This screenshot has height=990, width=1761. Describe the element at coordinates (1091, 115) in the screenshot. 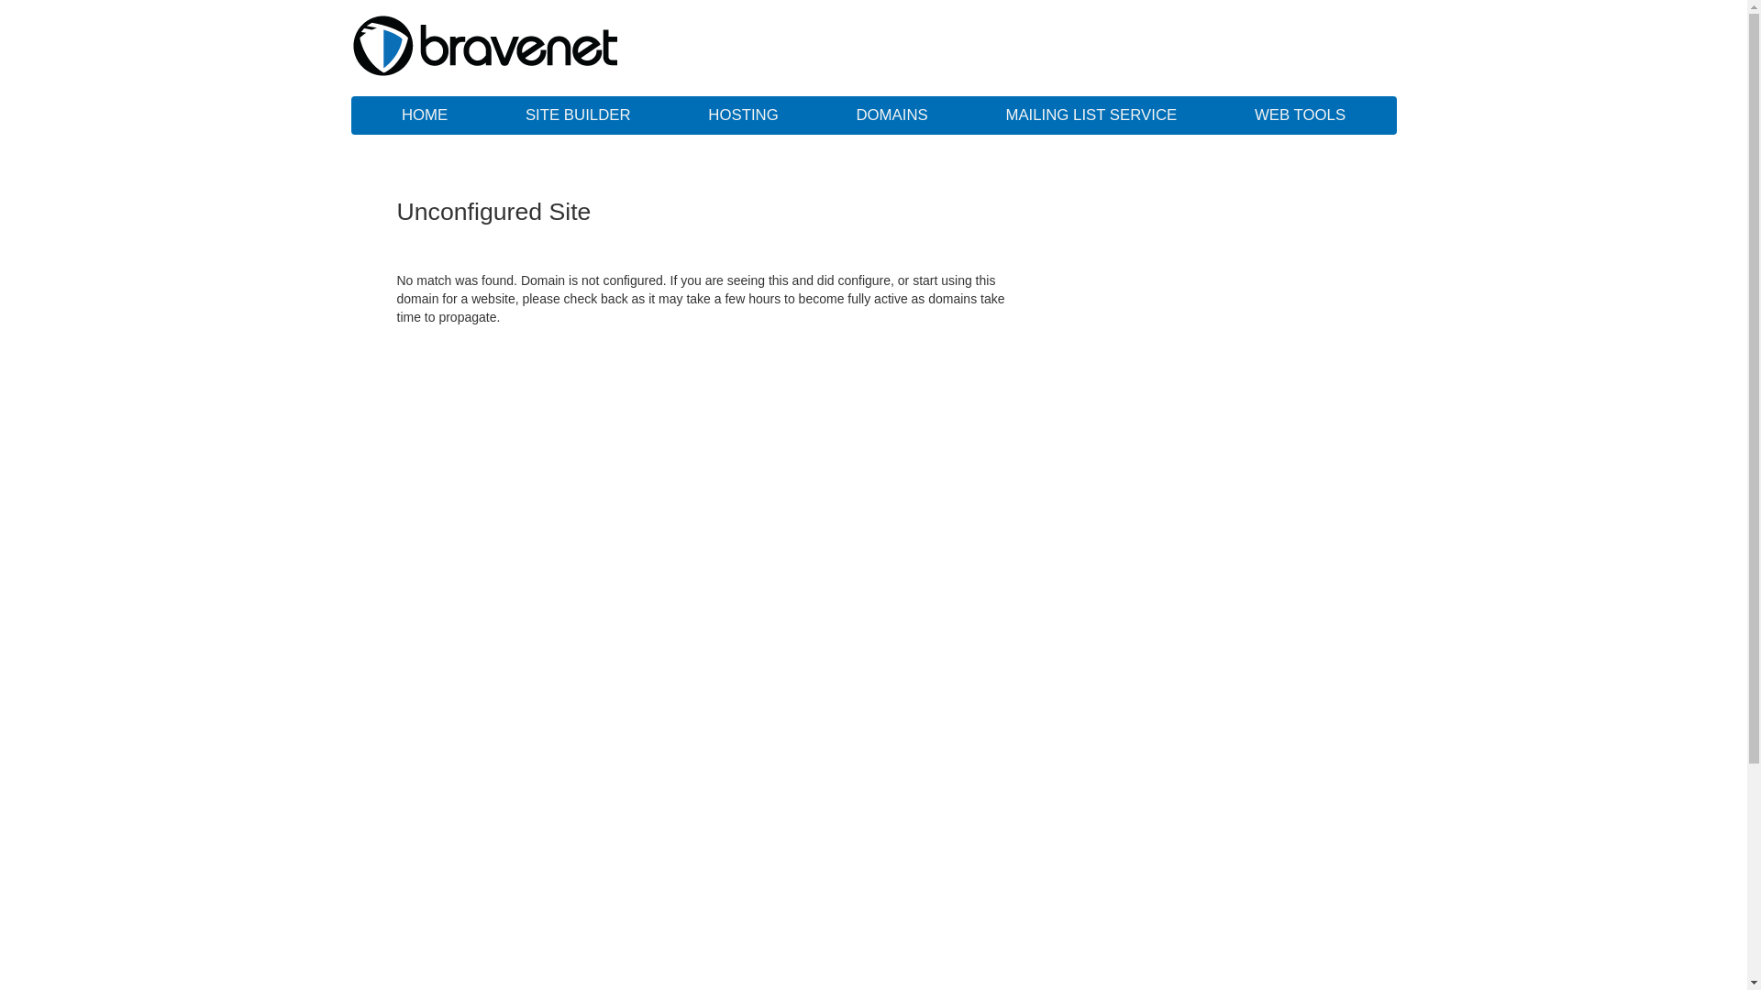

I see `'MAILING LIST SERVICE'` at that location.